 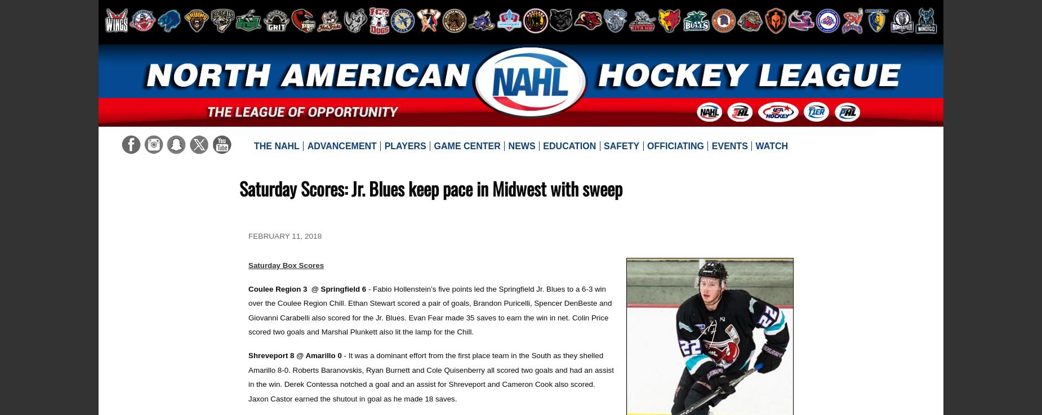 I want to click on '- Fabio Hollenstein’s five points led the Springfield Jr. Blues to a 6-3 win over the Coulee Region Chill. Ethan Stewart scored a pair of goals, Brandon Puricelli, Spencer DenBeste and Giovanni Carabelli also scored for the Jr. Blues. Evan Fear made 35 saves to earn the win in net. Colin Price scored two goals and Marshal Plunkett also lit the lamp for the Chill.', so click(x=248, y=310).